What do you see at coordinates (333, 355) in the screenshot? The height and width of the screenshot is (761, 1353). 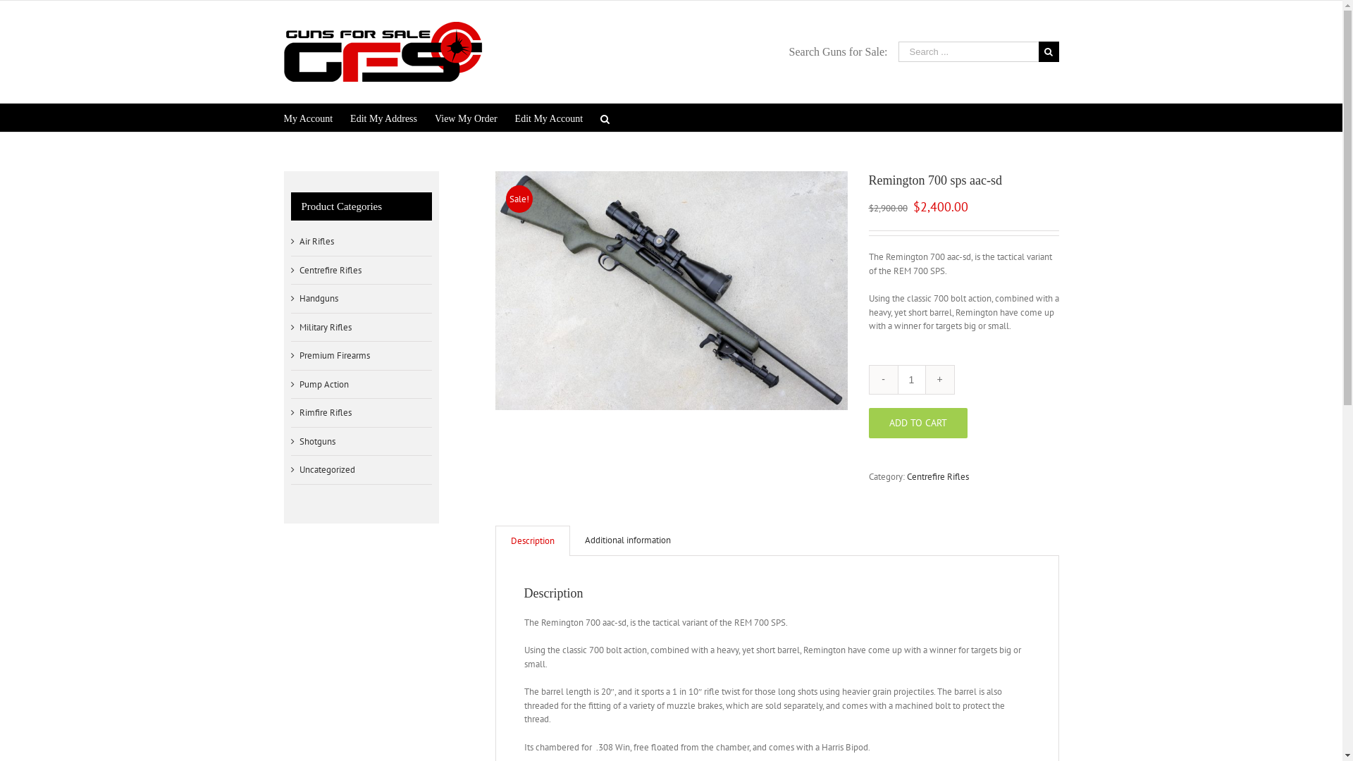 I see `'Premium Firearms'` at bounding box center [333, 355].